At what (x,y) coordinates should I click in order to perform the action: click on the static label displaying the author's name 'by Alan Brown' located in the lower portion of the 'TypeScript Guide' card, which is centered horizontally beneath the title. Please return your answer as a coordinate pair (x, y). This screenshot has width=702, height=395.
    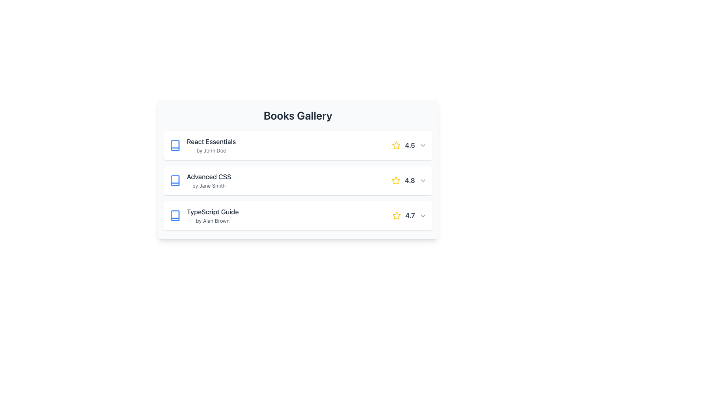
    Looking at the image, I should click on (212, 221).